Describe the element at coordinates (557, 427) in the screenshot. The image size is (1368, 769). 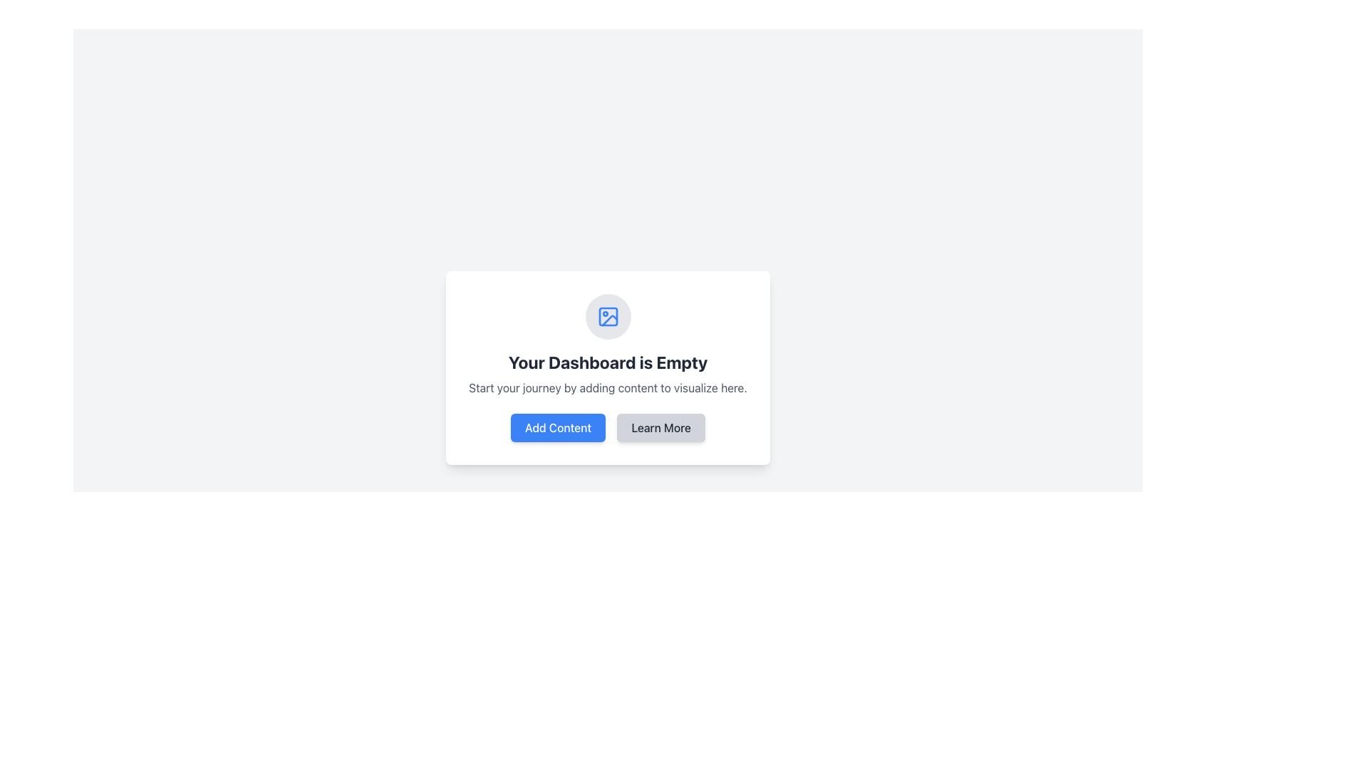
I see `the 'Add Content' button to observe visual feedback` at that location.